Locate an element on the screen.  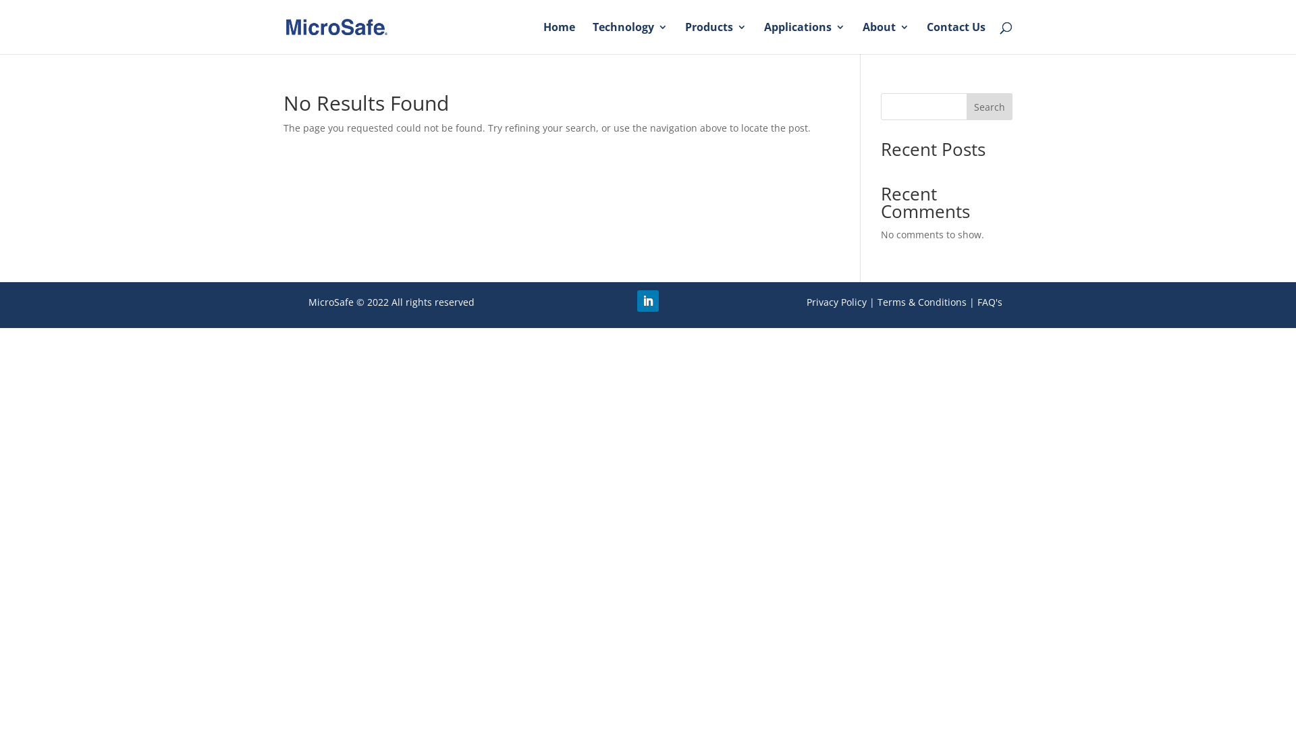
'Follow on LinkedIn' is located at coordinates (648, 300).